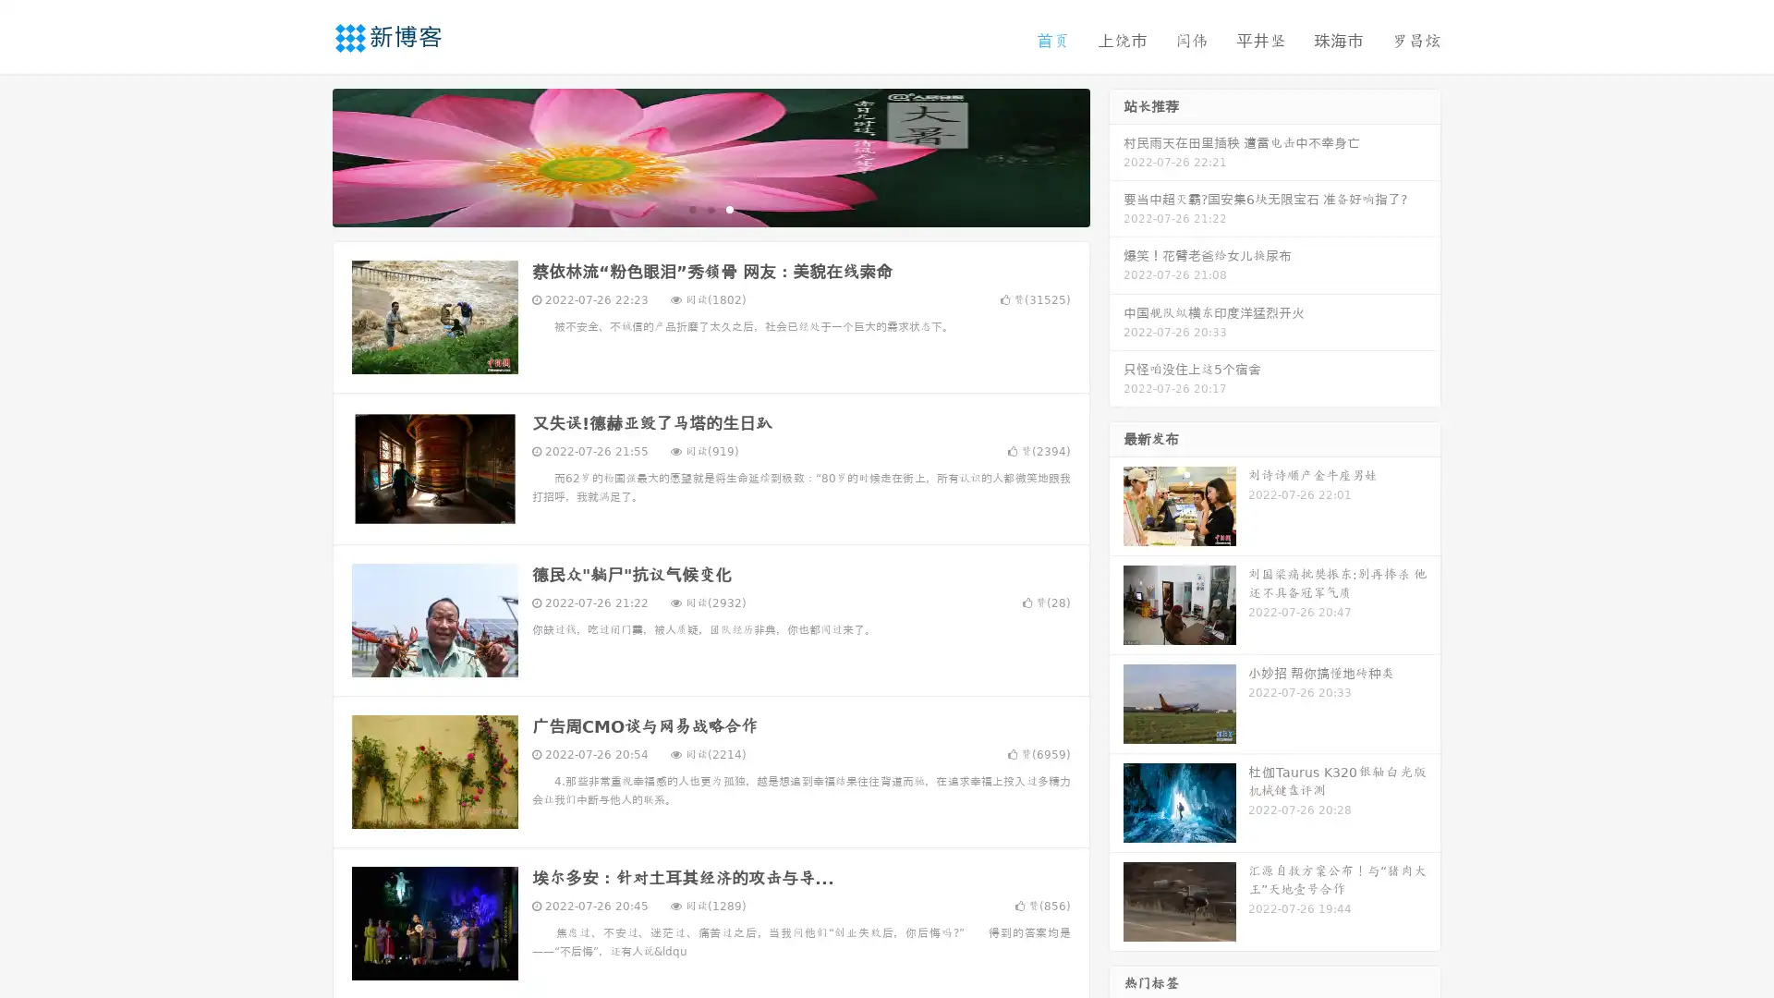  Describe the element at coordinates (729, 208) in the screenshot. I see `Go to slide 3` at that location.